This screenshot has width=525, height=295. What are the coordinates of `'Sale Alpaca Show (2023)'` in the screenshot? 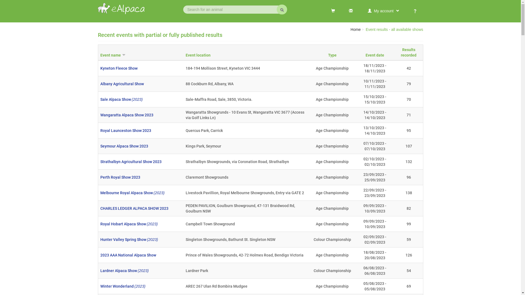 It's located at (121, 99).